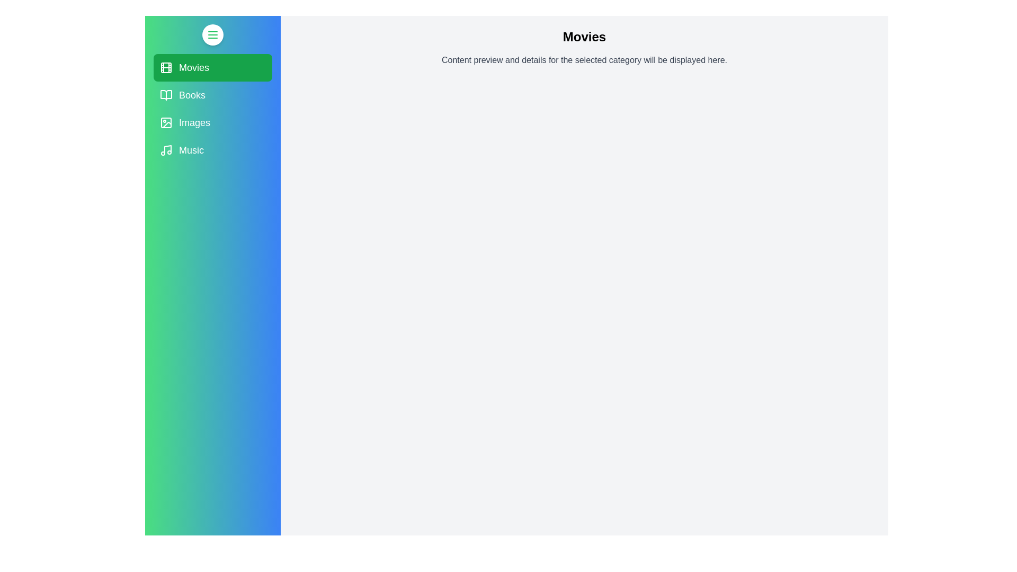  Describe the element at coordinates (212, 150) in the screenshot. I see `the category Music to observe the hover effect` at that location.